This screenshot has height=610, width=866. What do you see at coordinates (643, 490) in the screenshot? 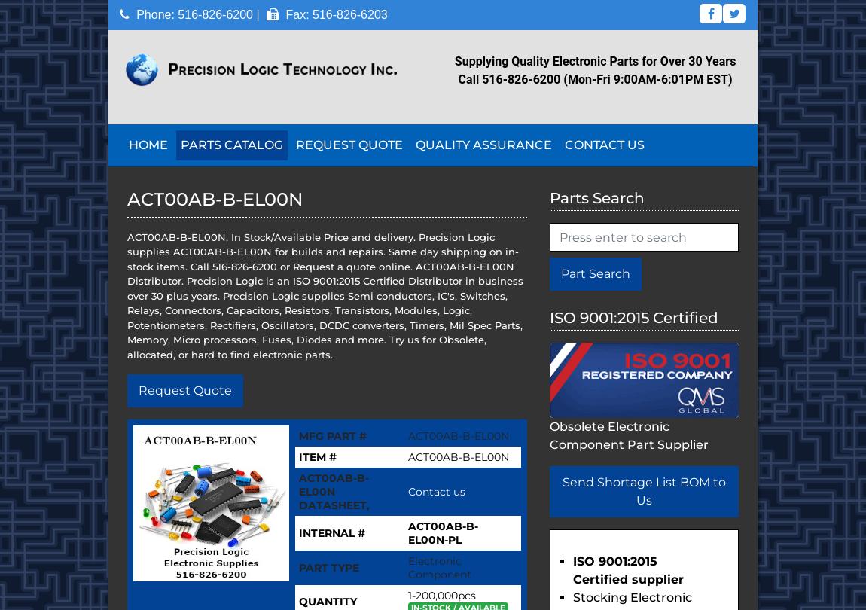
I see `'Send Shortage List BOM to Us'` at bounding box center [643, 490].